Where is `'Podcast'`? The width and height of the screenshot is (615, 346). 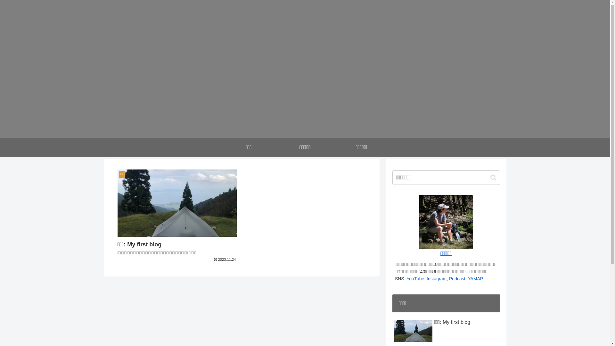 'Podcast' is located at coordinates (448, 278).